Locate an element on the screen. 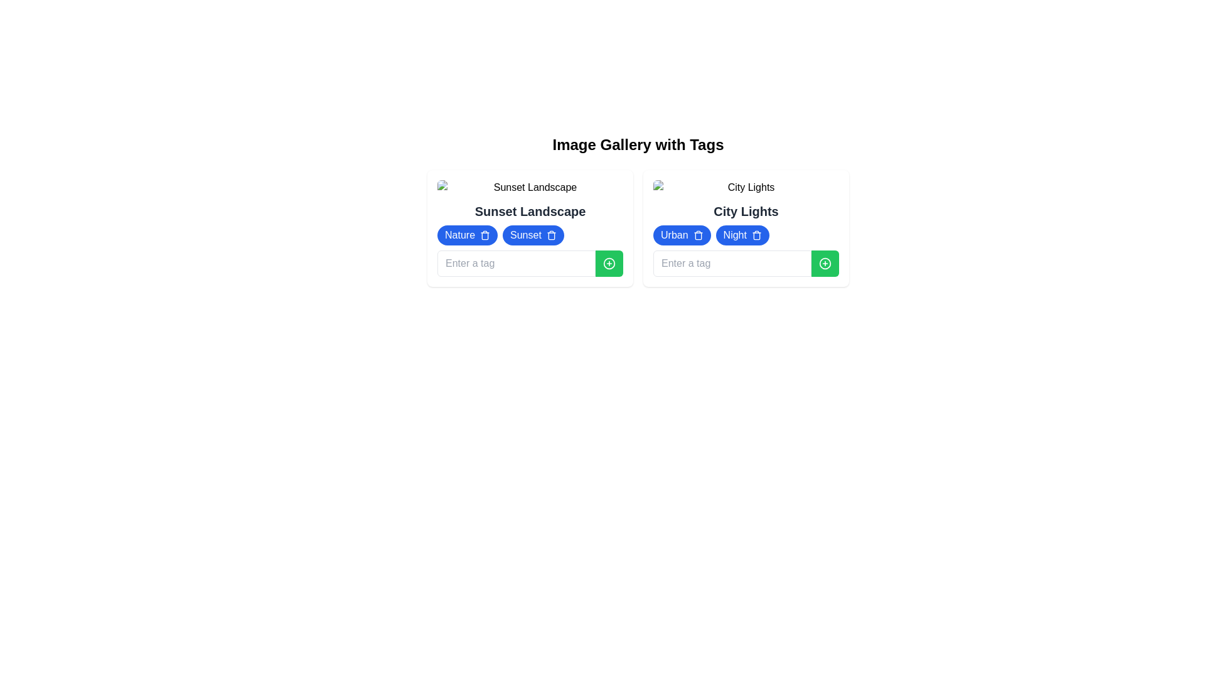 The image size is (1205, 678). the blue circular button labeled 'Sunset' with a deletion icon next to it in the second tag of the first card in the tag section is located at coordinates (530, 228).